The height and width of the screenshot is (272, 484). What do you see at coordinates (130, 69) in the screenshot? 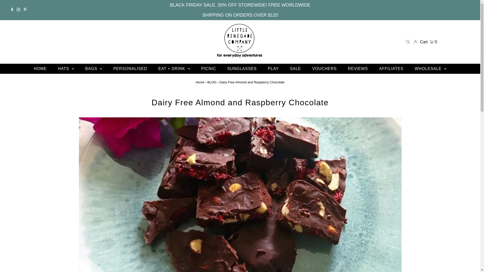
I see `'PERSONALISED'` at bounding box center [130, 69].